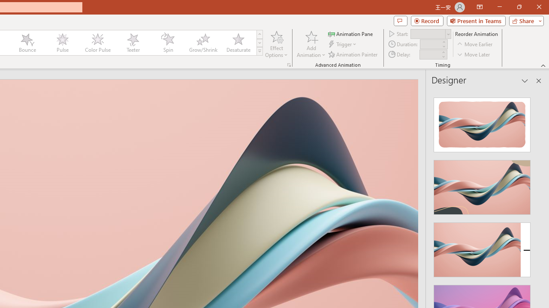 Image resolution: width=549 pixels, height=308 pixels. I want to click on 'Recommended Design: Design Idea', so click(482, 122).